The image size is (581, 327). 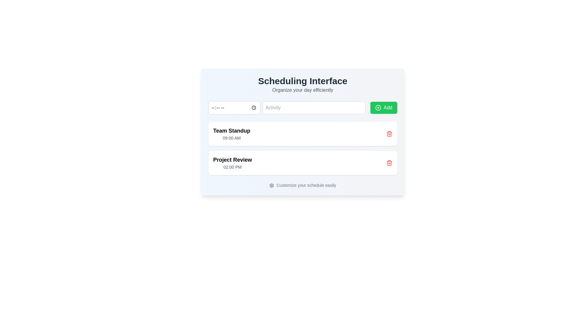 I want to click on the red trashcan icon delete button located to the far right of the 'Project Review' entry, so click(x=389, y=162).